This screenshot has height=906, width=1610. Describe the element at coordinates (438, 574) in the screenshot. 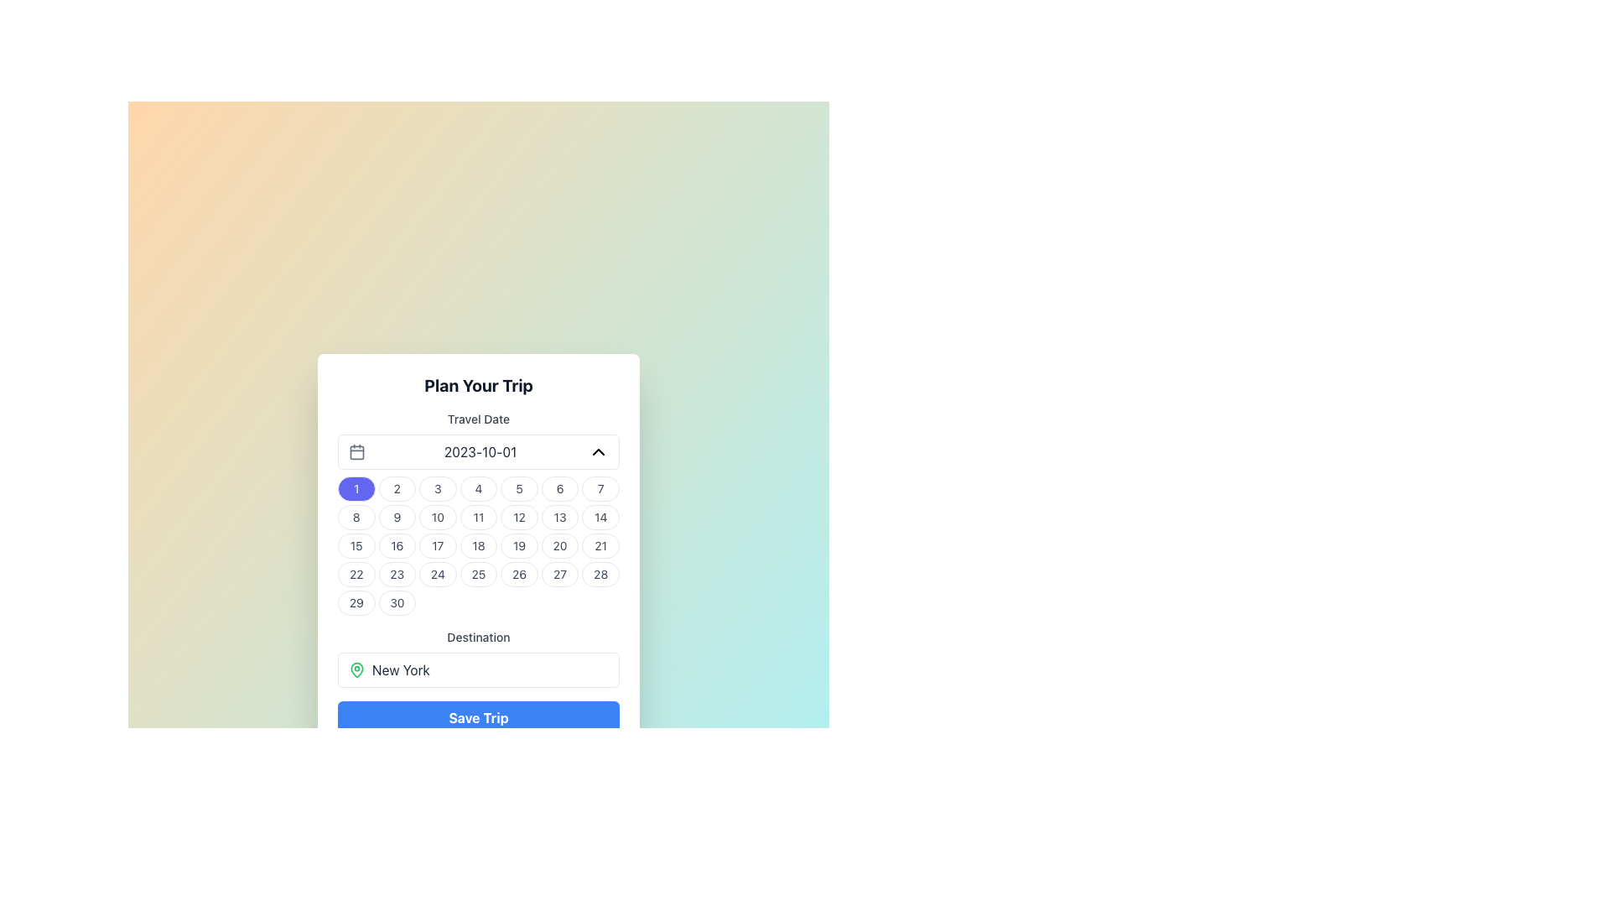

I see `the circular button labeled '24' in the calendar interface under 'Plan Your Trip'` at that location.